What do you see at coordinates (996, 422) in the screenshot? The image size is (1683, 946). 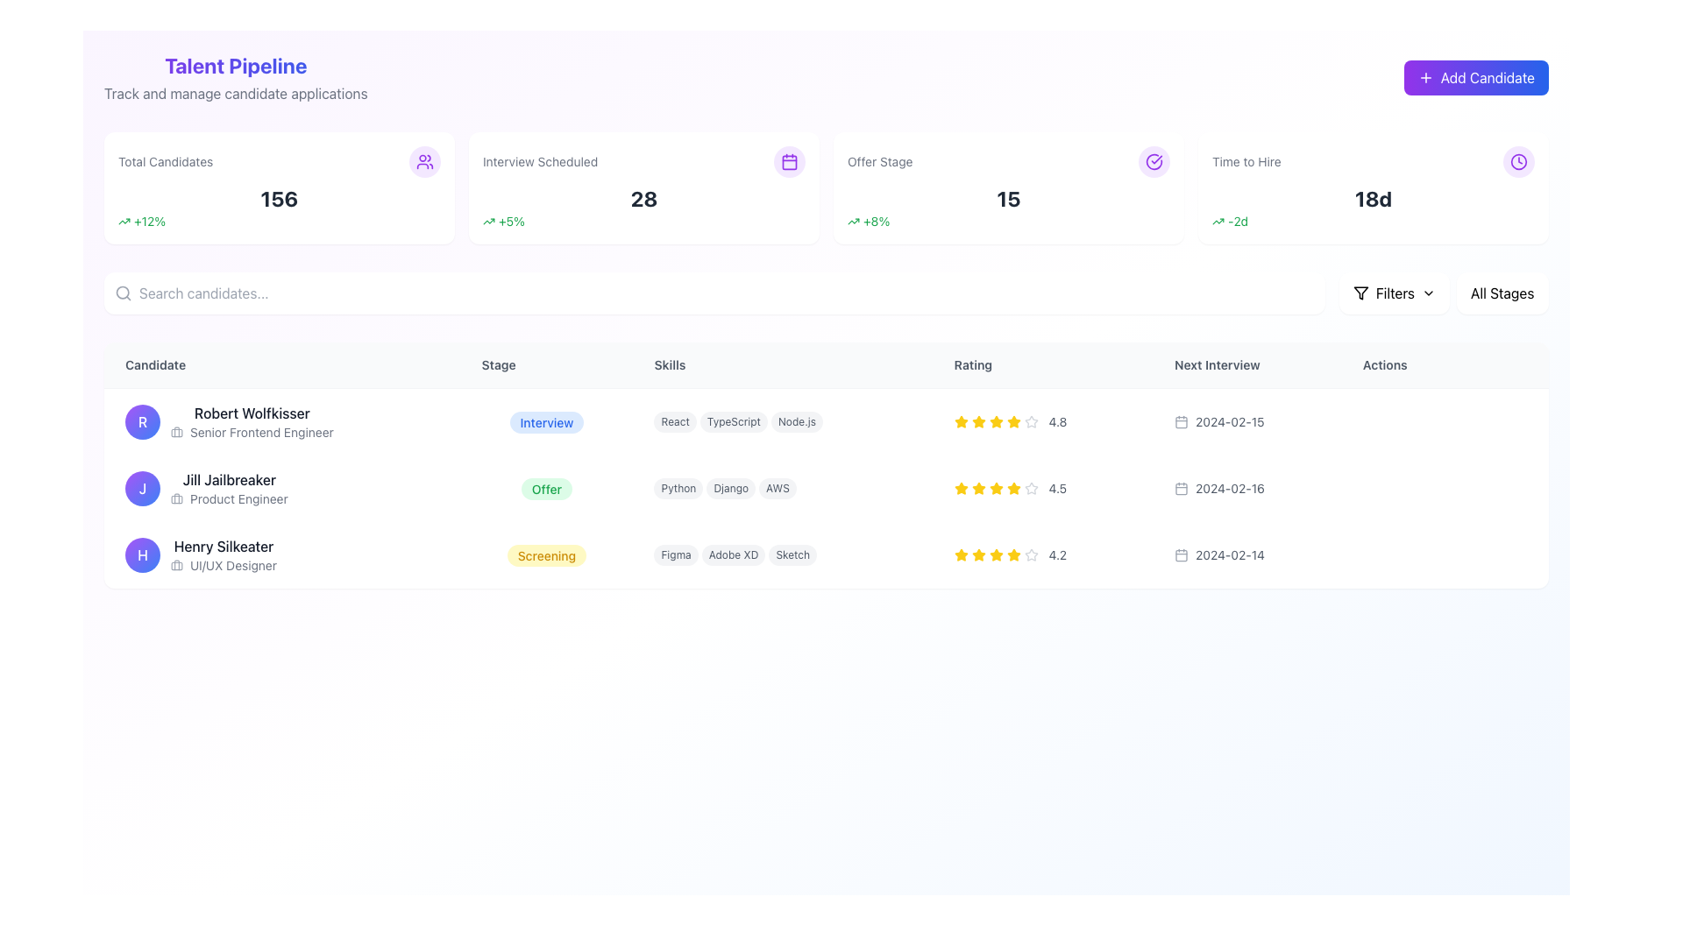 I see `the fifth yellow star icon in the rating system` at bounding box center [996, 422].